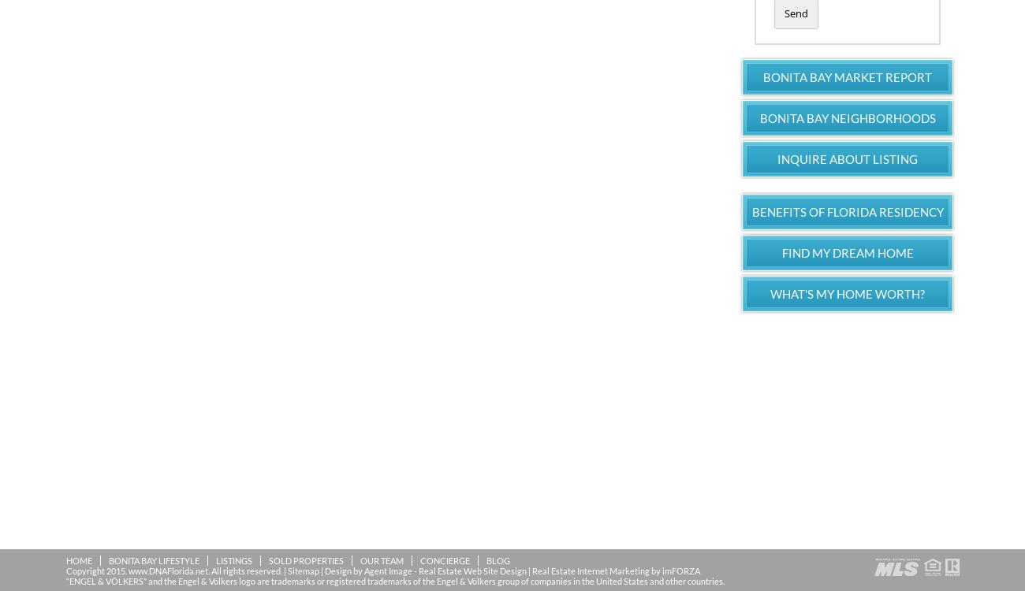 The width and height of the screenshot is (1025, 591). I want to click on 'Bonita Bay Market Report', so click(762, 75).